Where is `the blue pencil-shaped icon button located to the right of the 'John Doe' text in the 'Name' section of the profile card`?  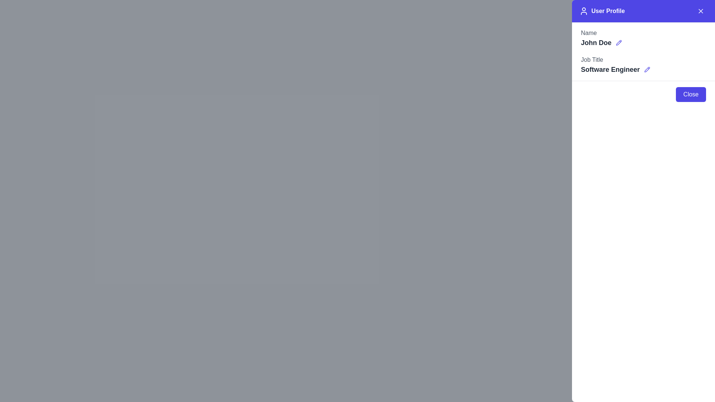 the blue pencil-shaped icon button located to the right of the 'John Doe' text in the 'Name' section of the profile card is located at coordinates (619, 43).